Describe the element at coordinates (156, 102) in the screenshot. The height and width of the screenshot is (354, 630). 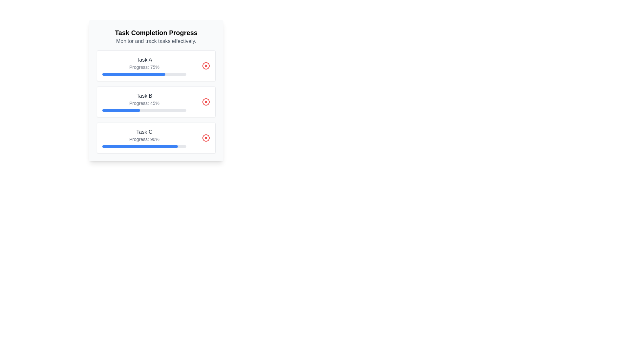
I see `the second task card named 'Task B'` at that location.